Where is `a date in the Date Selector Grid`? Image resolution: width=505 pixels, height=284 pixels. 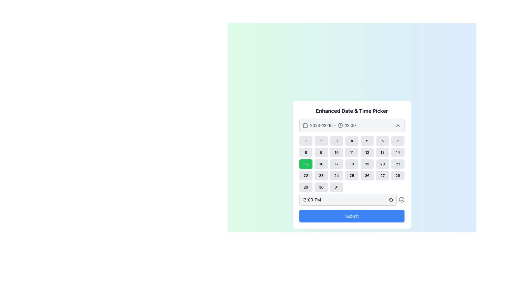
a date in the Date Selector Grid is located at coordinates (352, 164).